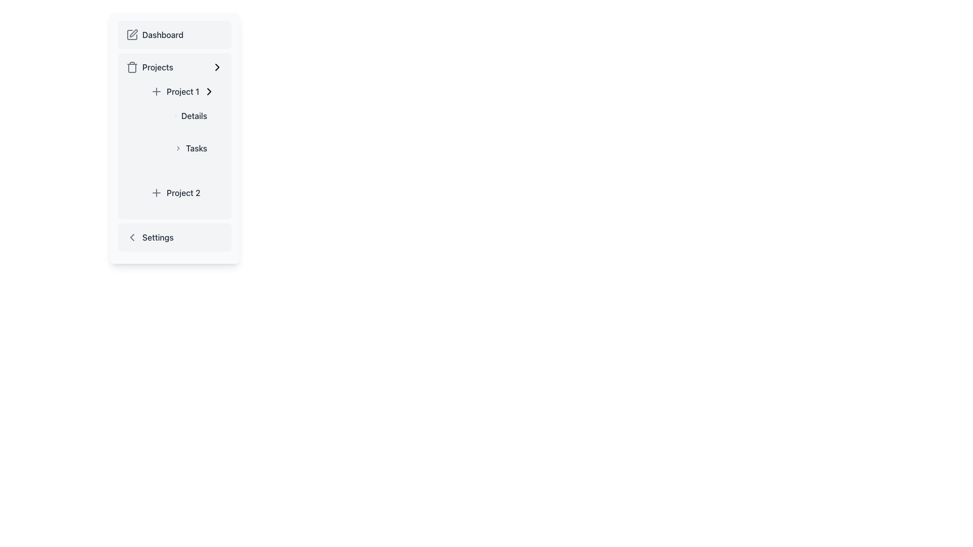 This screenshot has width=973, height=547. What do you see at coordinates (208, 92) in the screenshot?
I see `the arrow icon located to the far right of the 'Project 1' menu item` at bounding box center [208, 92].